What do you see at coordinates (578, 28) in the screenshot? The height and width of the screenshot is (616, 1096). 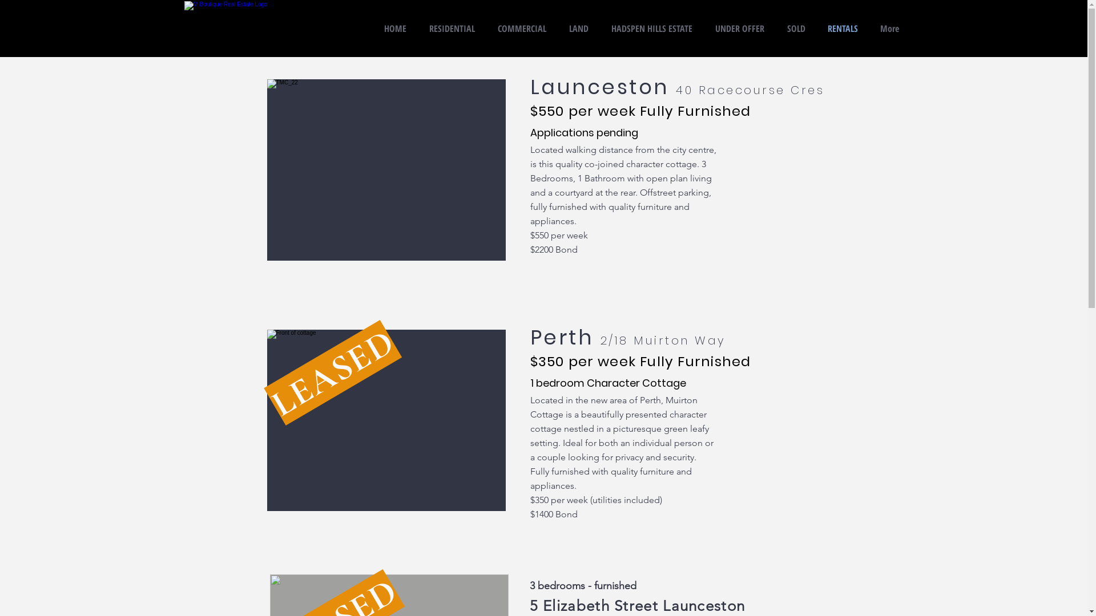 I see `'LAND'` at bounding box center [578, 28].